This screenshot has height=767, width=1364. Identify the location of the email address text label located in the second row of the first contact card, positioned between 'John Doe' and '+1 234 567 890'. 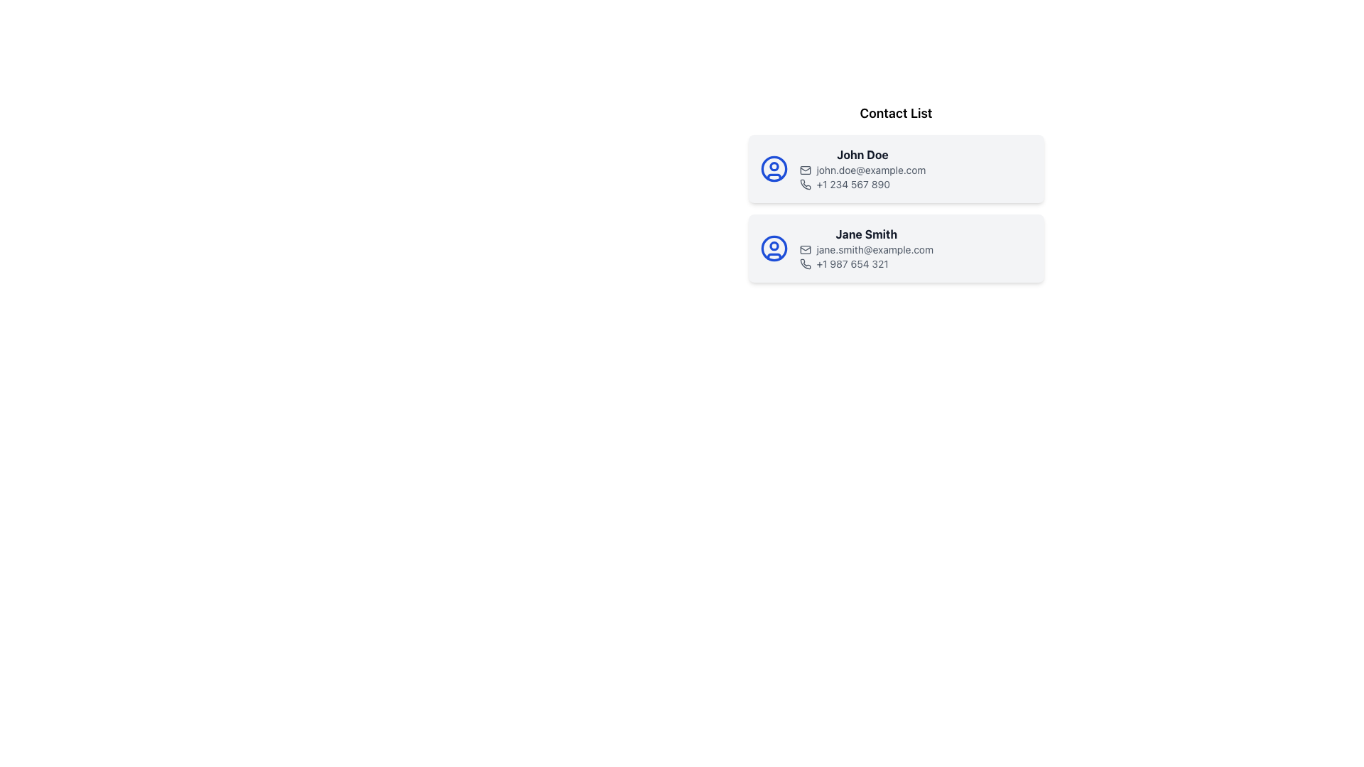
(862, 169).